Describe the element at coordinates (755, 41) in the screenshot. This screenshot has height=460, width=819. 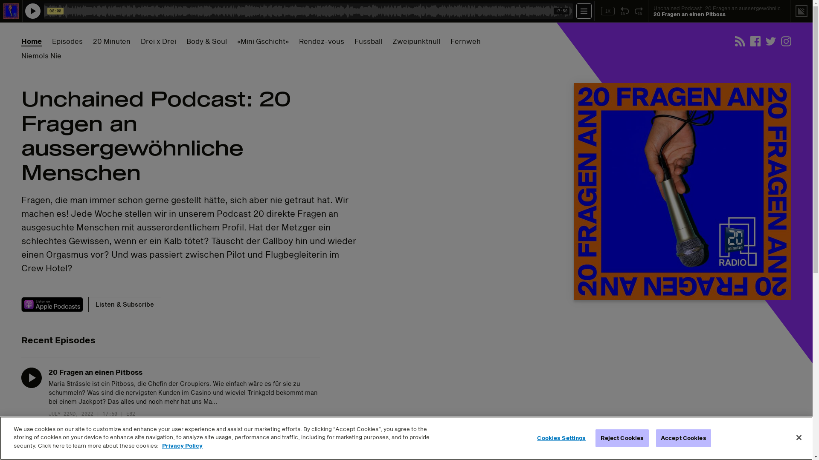
I see `'Facebook'` at that location.